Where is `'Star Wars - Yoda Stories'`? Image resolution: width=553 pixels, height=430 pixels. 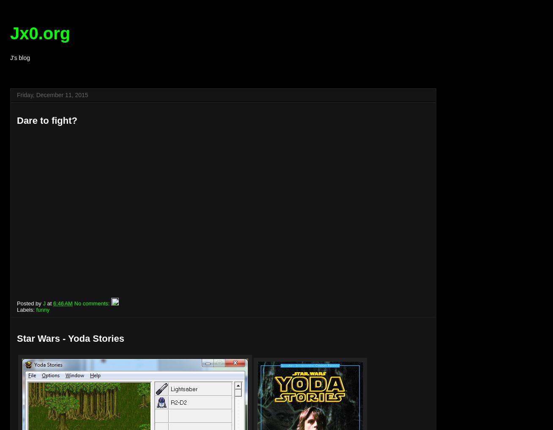 'Star Wars - Yoda Stories' is located at coordinates (70, 338).